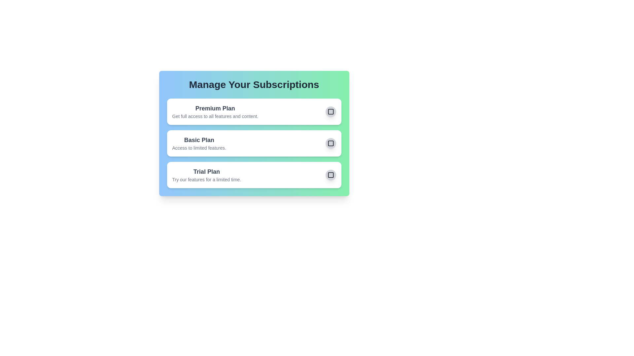 The width and height of the screenshot is (634, 356). I want to click on the 'Basic Plan' card, which is the second card in the vertical stack of subscription options, for rearrangement, so click(254, 133).